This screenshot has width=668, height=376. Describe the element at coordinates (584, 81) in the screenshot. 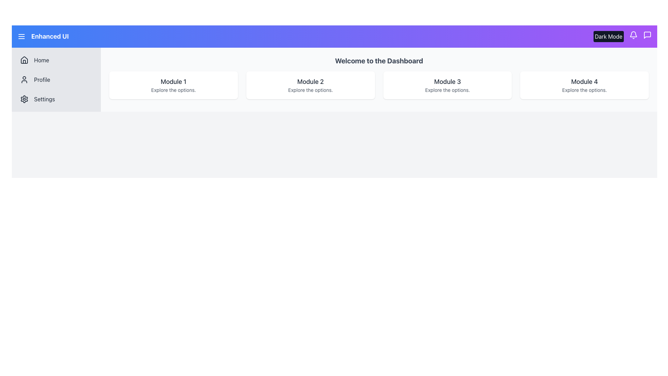

I see `text label at the top-center of the card labelled 'Module 4\nExplore the options.'` at that location.